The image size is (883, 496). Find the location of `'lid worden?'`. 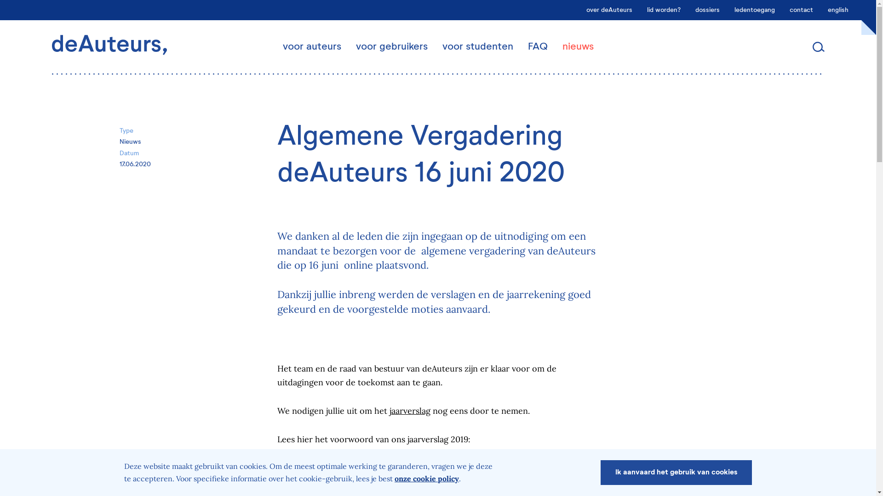

'lid worden?' is located at coordinates (664, 10).